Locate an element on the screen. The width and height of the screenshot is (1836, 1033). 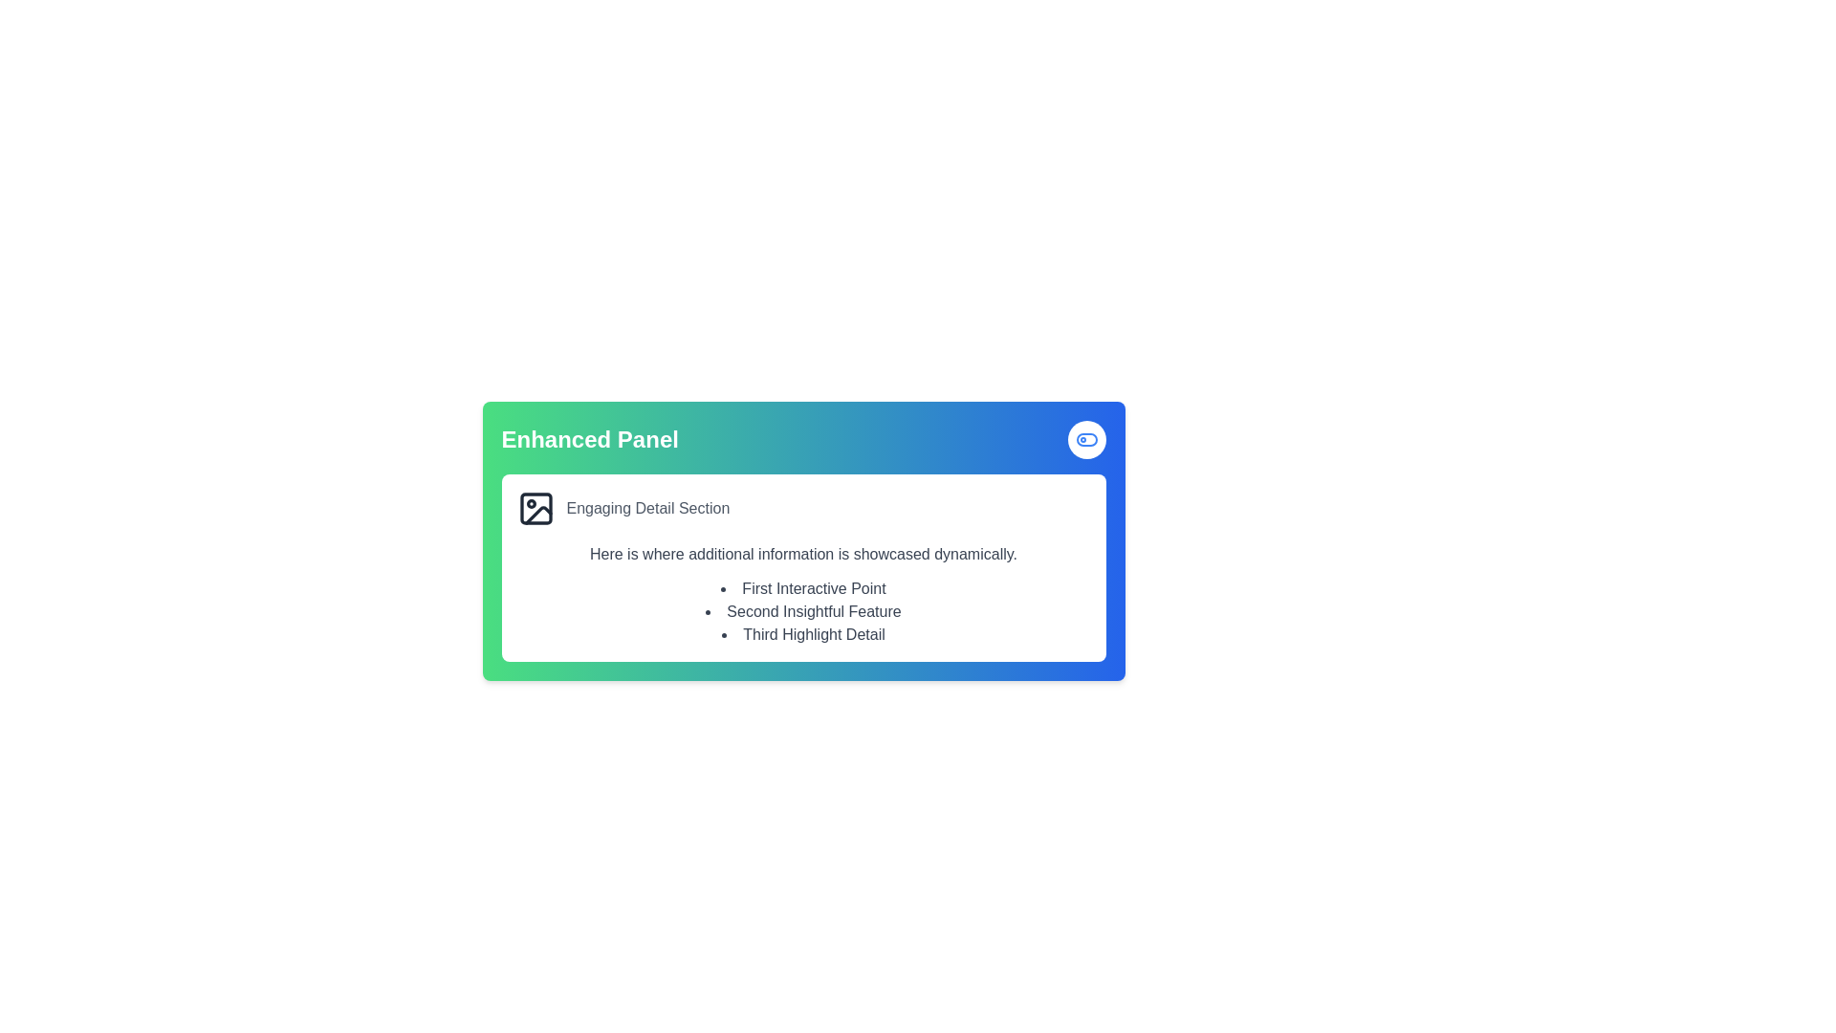
the toggle switch icon, which is a pill-shaped button with a bright blue outline and fill is located at coordinates (1086, 439).